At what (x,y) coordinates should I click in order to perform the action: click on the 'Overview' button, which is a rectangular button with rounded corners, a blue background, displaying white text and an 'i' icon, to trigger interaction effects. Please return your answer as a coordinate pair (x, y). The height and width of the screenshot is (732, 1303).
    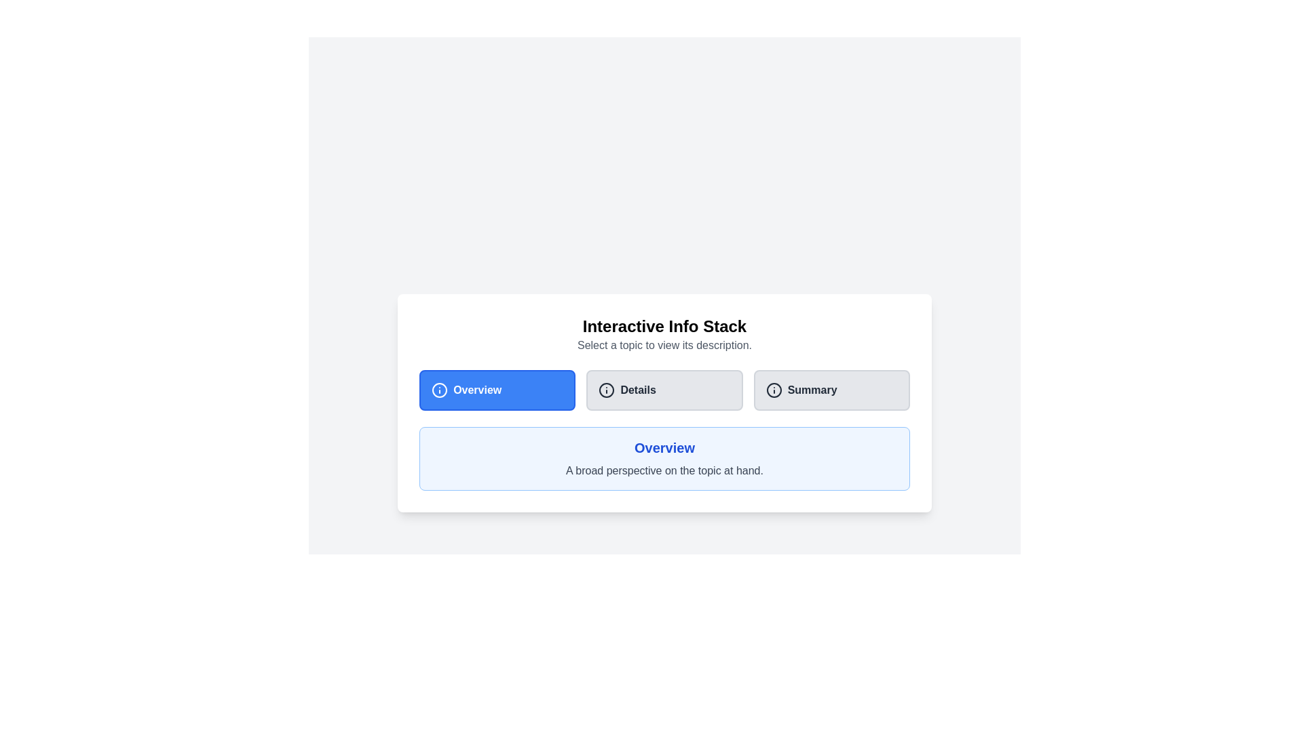
    Looking at the image, I should click on (497, 390).